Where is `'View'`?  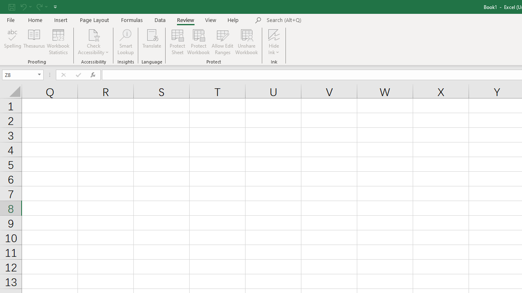
'View' is located at coordinates (211, 20).